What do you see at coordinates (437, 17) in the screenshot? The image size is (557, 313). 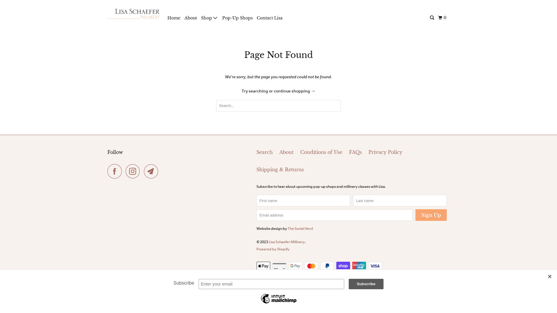 I see `'0'` at bounding box center [437, 17].